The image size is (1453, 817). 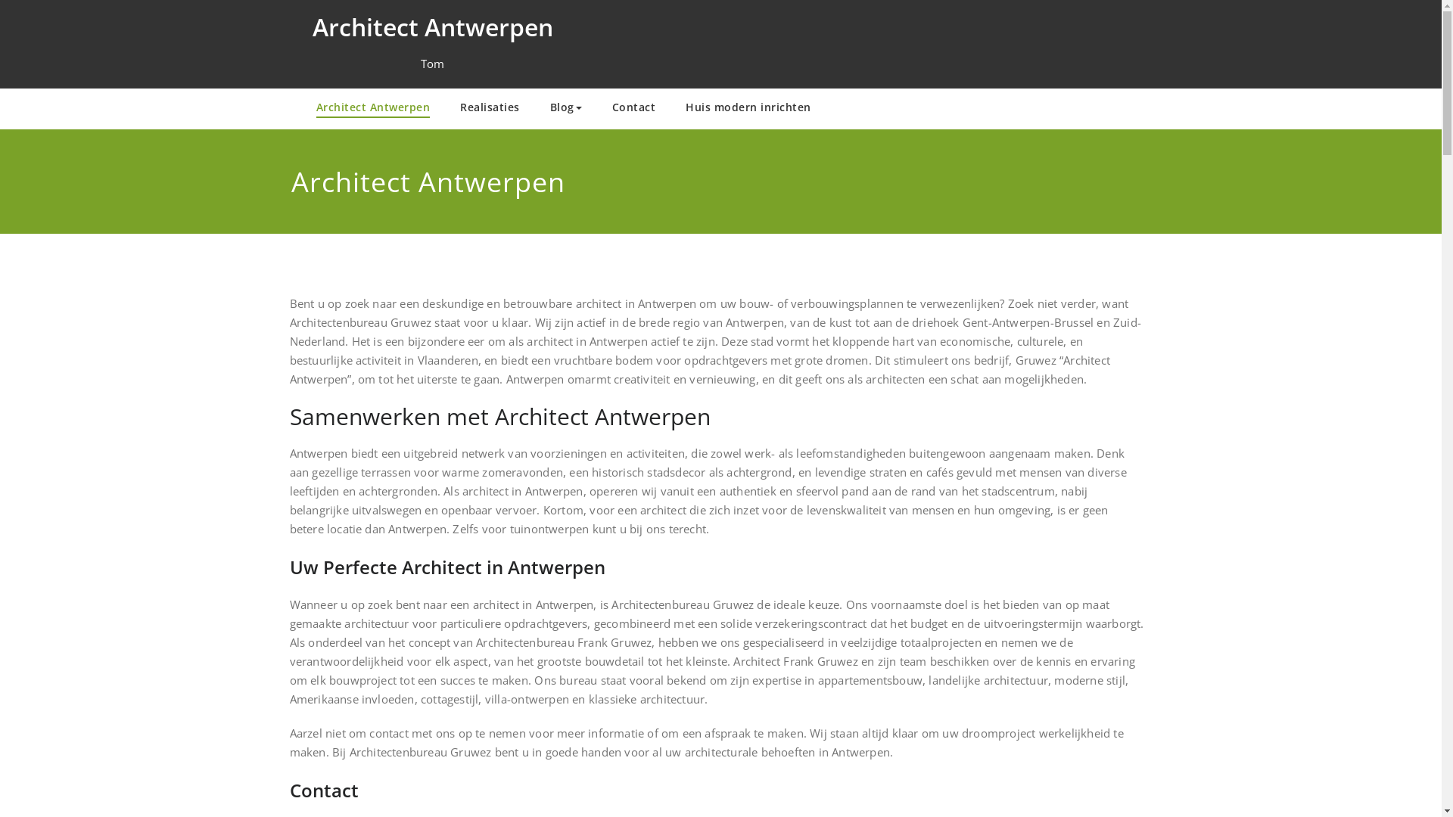 I want to click on 'Contact', so click(x=633, y=107).